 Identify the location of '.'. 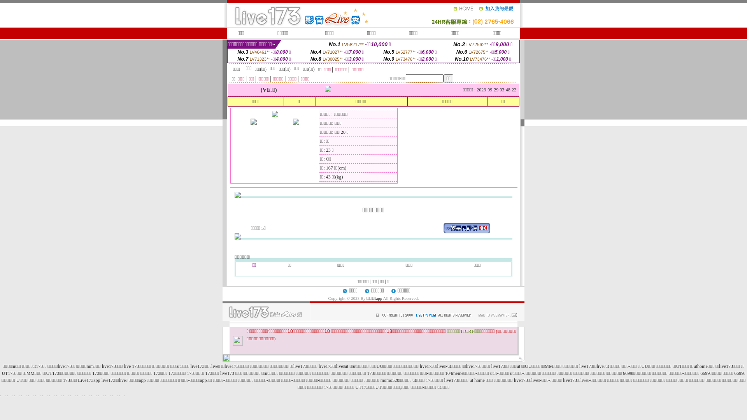
(75, 394).